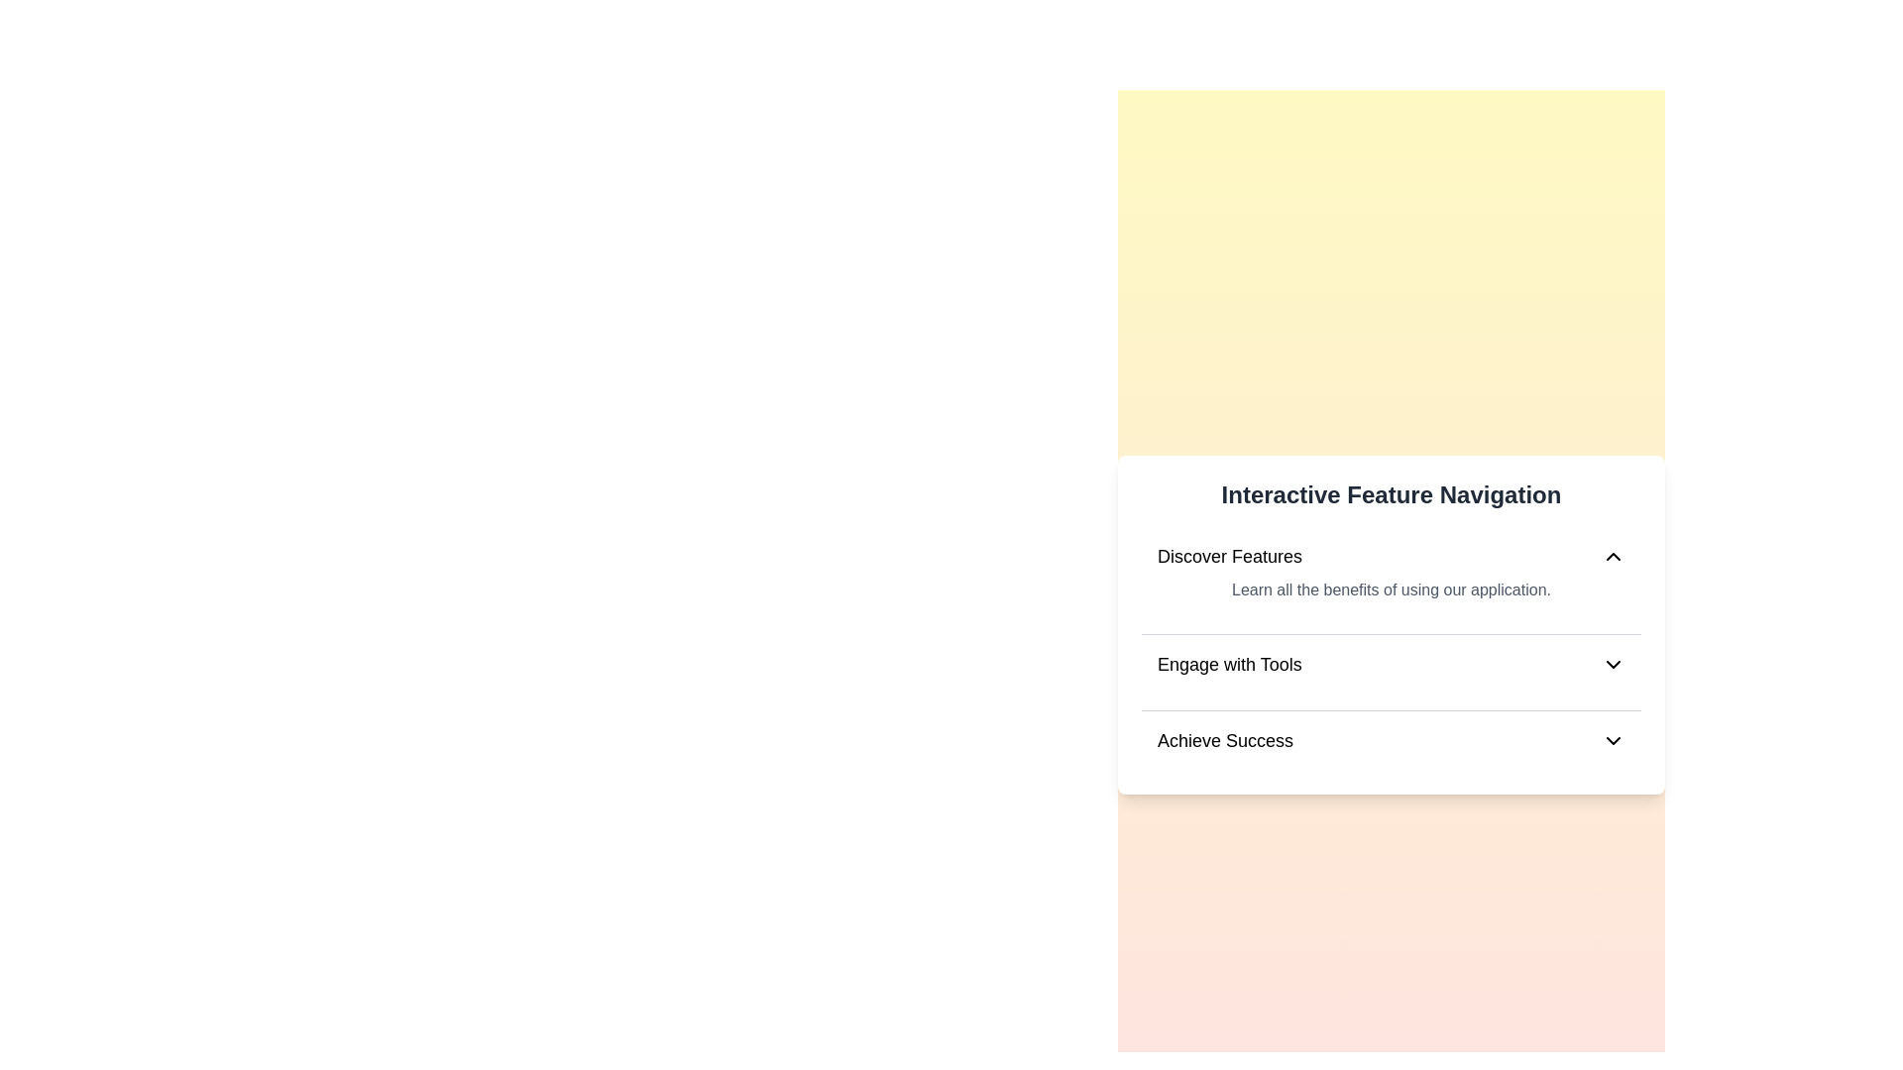 Image resolution: width=1903 pixels, height=1070 pixels. I want to click on the icon for Achieve Success to toggle its content visibility, so click(1613, 741).